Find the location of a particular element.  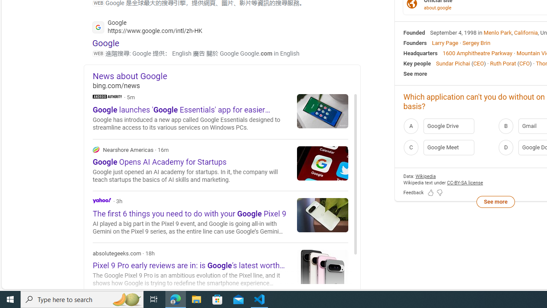

'1600 Amphitheatre Parkway' is located at coordinates (477, 53).